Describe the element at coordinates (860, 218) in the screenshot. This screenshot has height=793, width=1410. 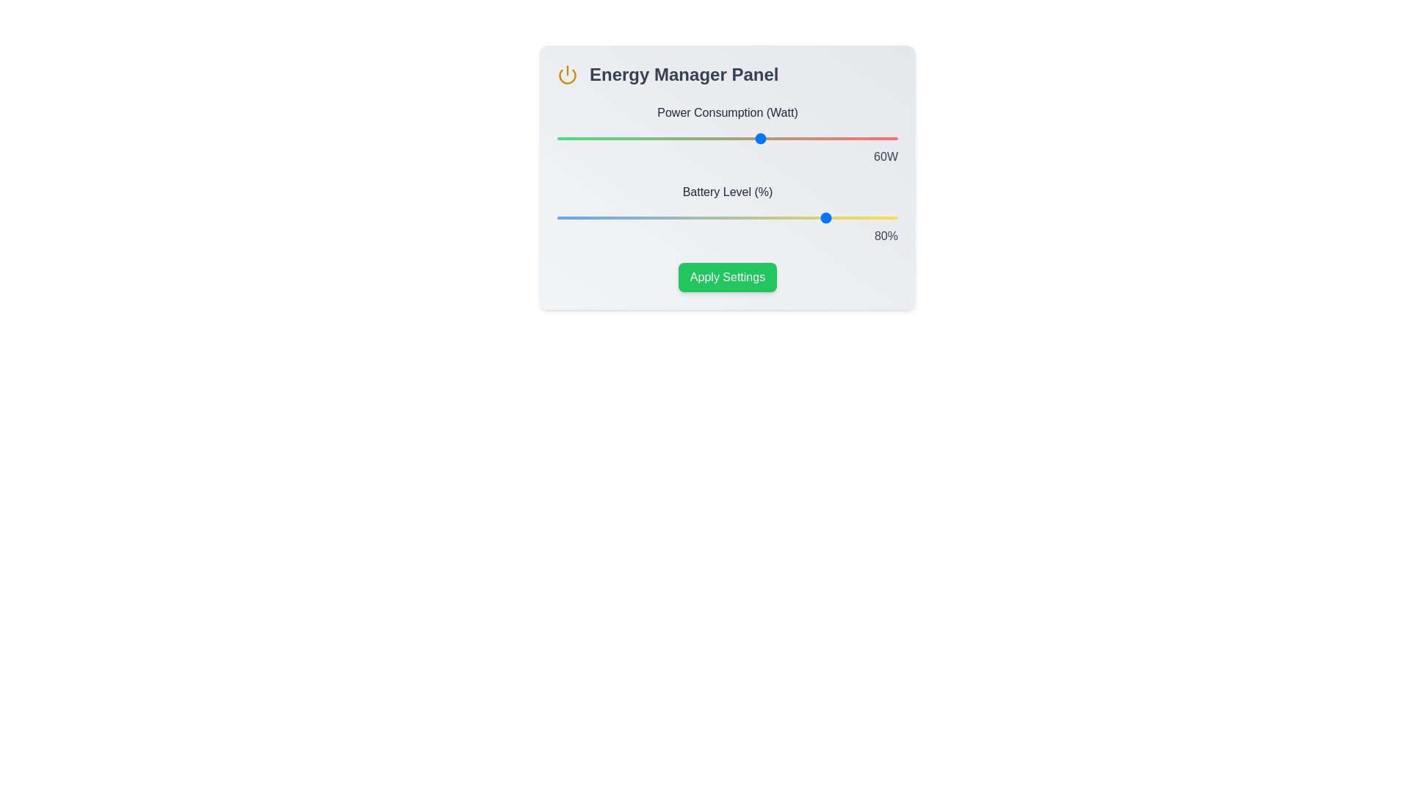
I see `the battery level slider to 89%` at that location.